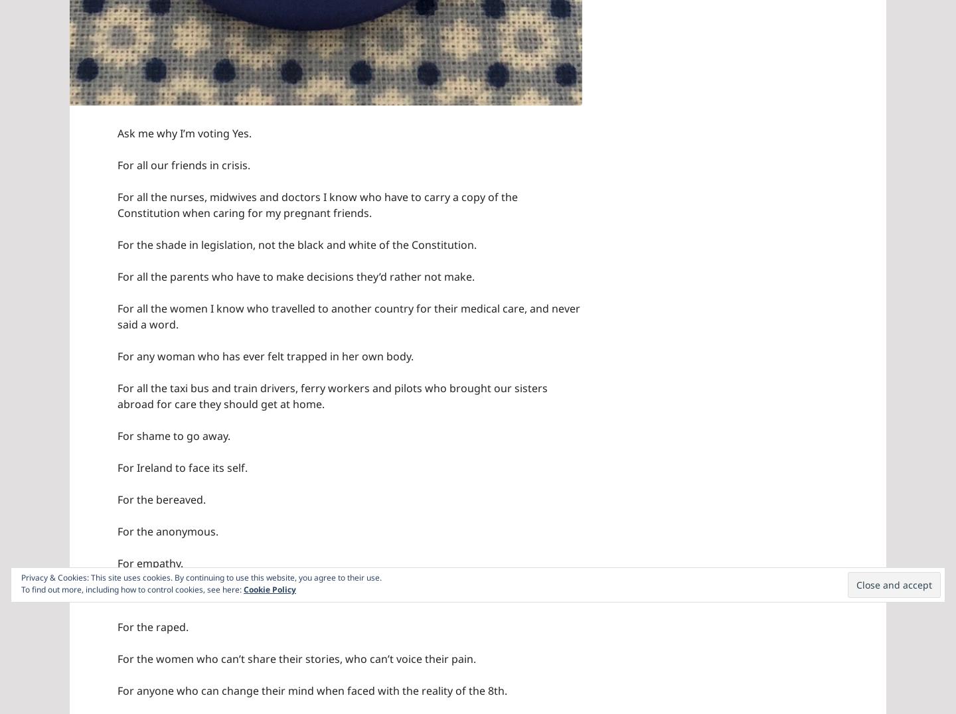 The height and width of the screenshot is (714, 956). Describe the element at coordinates (116, 435) in the screenshot. I see `'For shame to go away.'` at that location.